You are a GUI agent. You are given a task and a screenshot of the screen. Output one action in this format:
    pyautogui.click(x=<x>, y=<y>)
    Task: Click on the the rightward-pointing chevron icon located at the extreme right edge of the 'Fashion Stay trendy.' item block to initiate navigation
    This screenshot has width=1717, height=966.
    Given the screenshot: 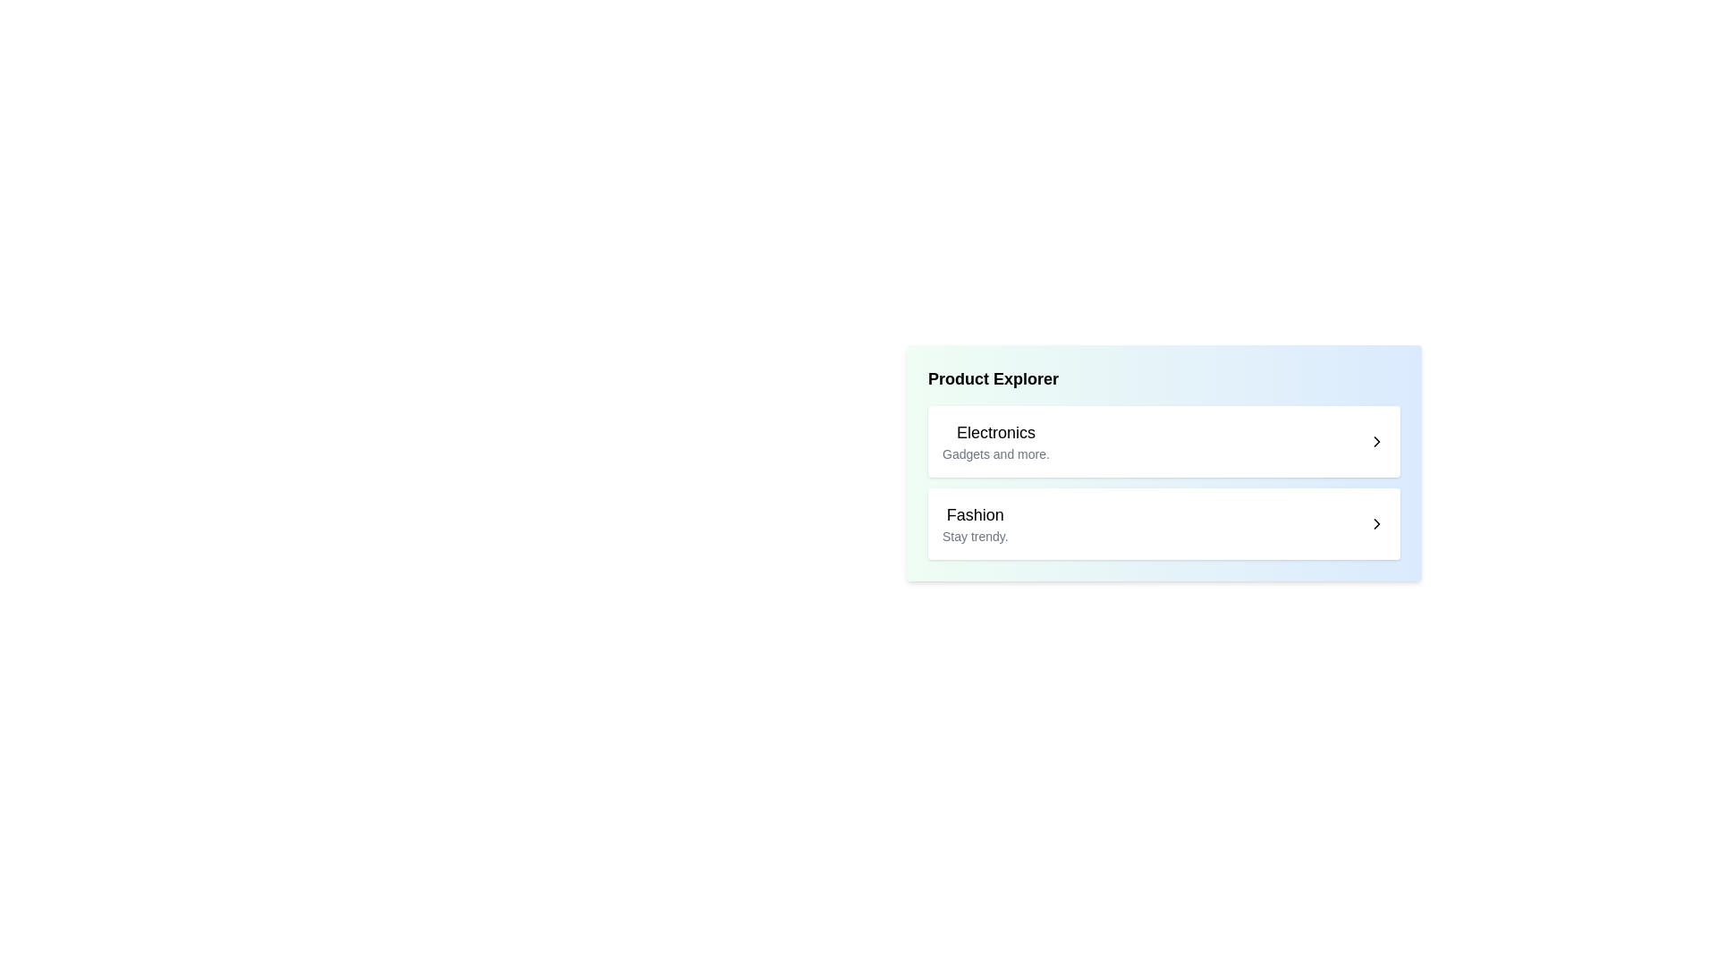 What is the action you would take?
    pyautogui.click(x=1376, y=523)
    